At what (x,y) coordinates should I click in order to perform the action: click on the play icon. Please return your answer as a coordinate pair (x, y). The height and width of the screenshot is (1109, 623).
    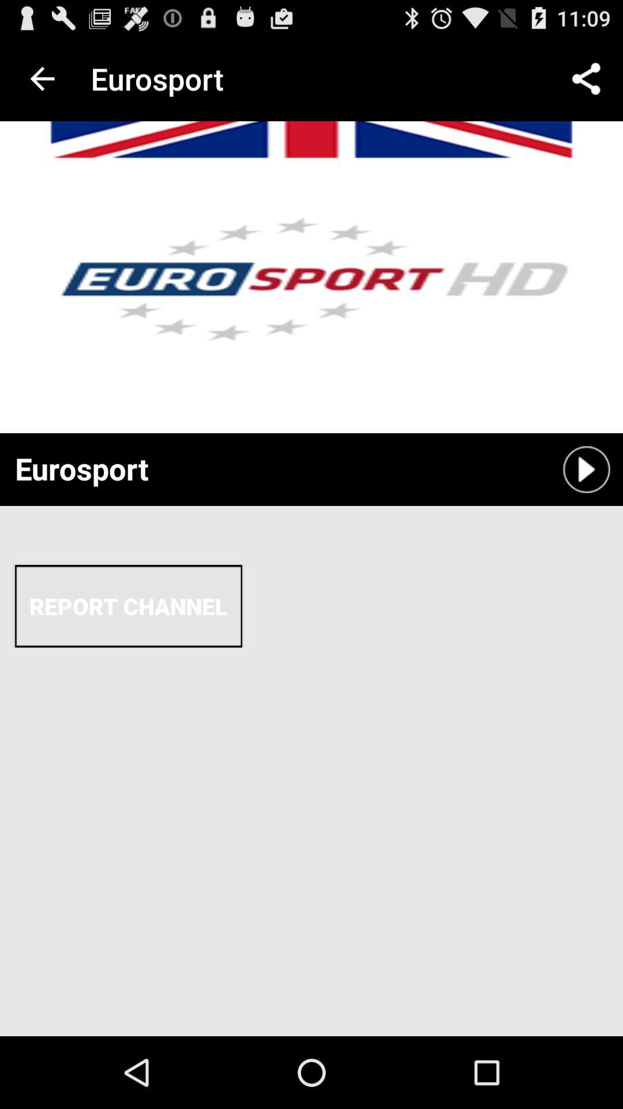
    Looking at the image, I should click on (587, 503).